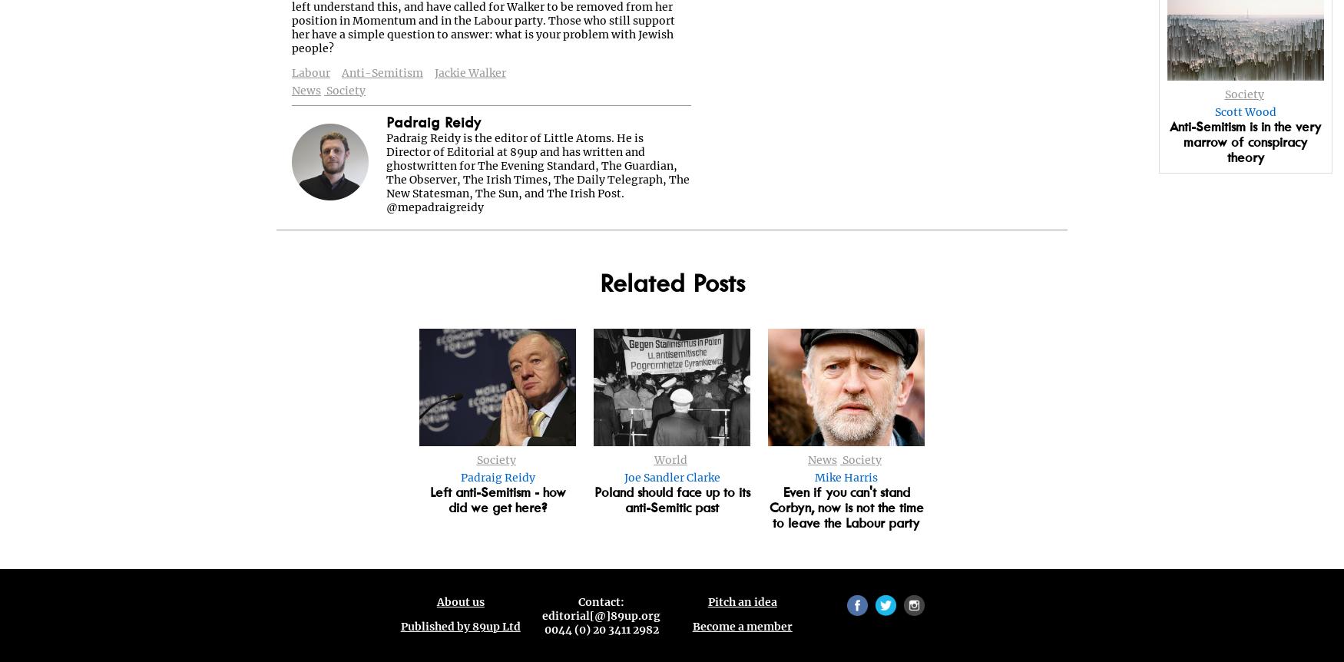 This screenshot has width=1344, height=662. Describe the element at coordinates (600, 603) in the screenshot. I see `'Contact:'` at that location.